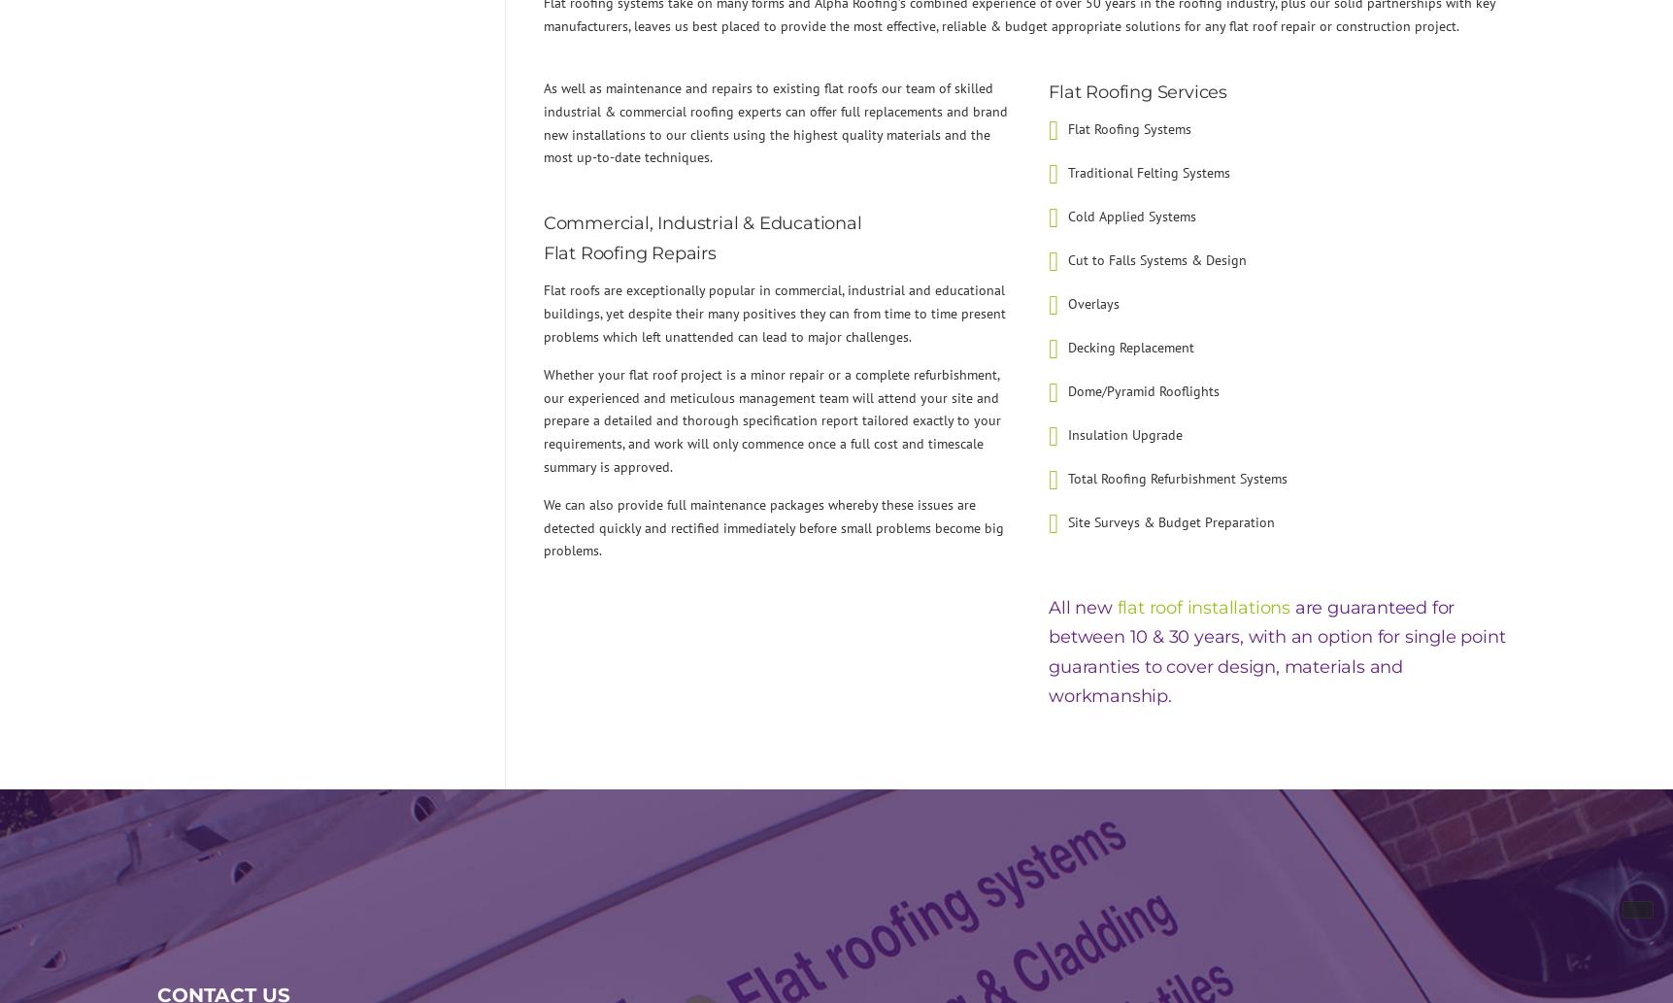 Image resolution: width=1673 pixels, height=1003 pixels. What do you see at coordinates (774, 122) in the screenshot?
I see `'As well as maintenance and repairs to existing flat roofs our team of skilled industrial & commercial roofing experts can offer full replacements and brand new installations to our clients using the highest quality materials and the most up-to-date techniques.'` at bounding box center [774, 122].